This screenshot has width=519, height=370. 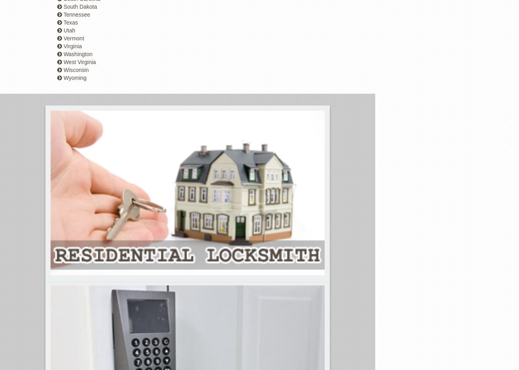 I want to click on 'West Virginia', so click(x=79, y=62).